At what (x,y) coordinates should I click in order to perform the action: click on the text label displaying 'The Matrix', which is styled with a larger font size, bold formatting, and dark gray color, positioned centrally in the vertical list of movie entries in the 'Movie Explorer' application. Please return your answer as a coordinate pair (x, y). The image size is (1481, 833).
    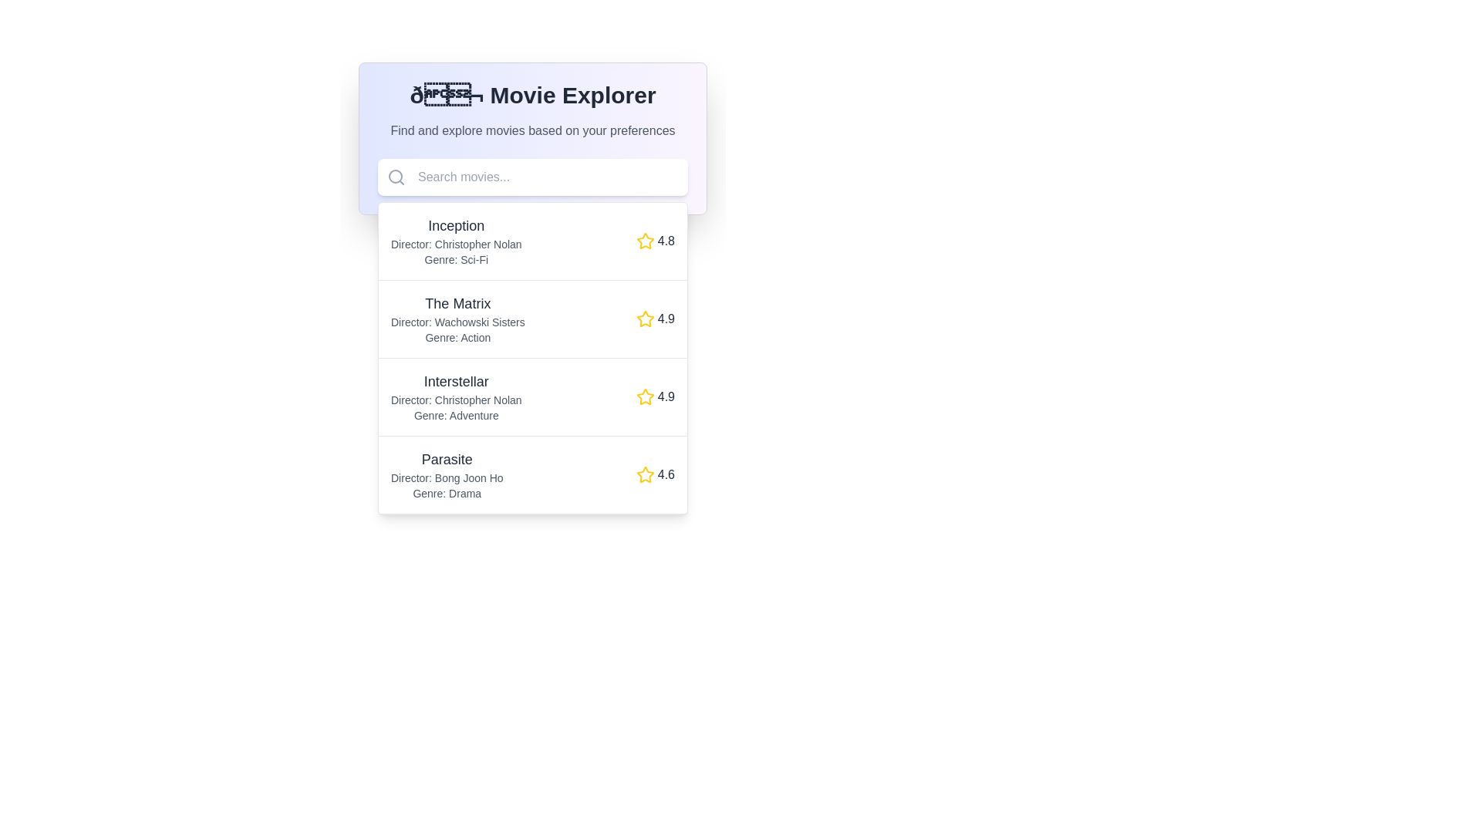
    Looking at the image, I should click on (457, 303).